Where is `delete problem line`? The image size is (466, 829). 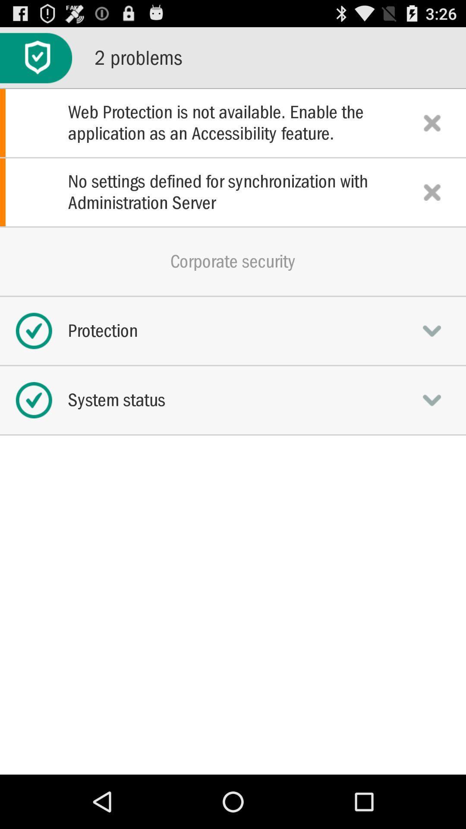
delete problem line is located at coordinates (432, 192).